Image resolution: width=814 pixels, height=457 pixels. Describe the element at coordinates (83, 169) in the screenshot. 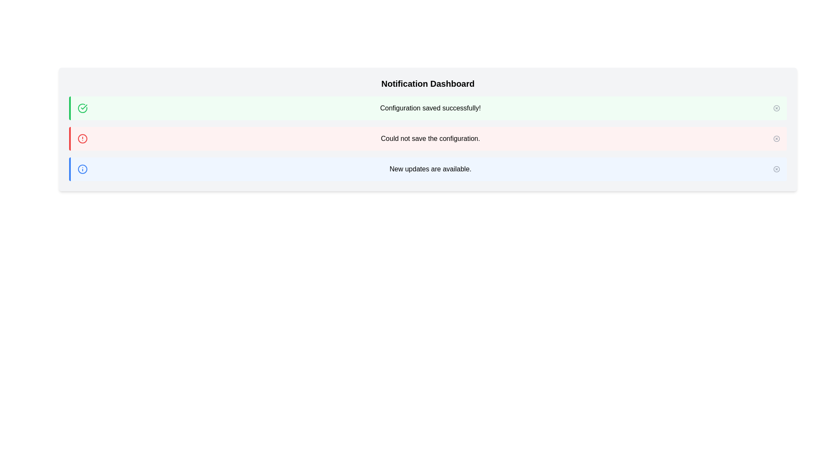

I see `the Information Icon, which is a blue circular icon indicating notifications, located at the start of the notification 'New updates are available.'` at that location.